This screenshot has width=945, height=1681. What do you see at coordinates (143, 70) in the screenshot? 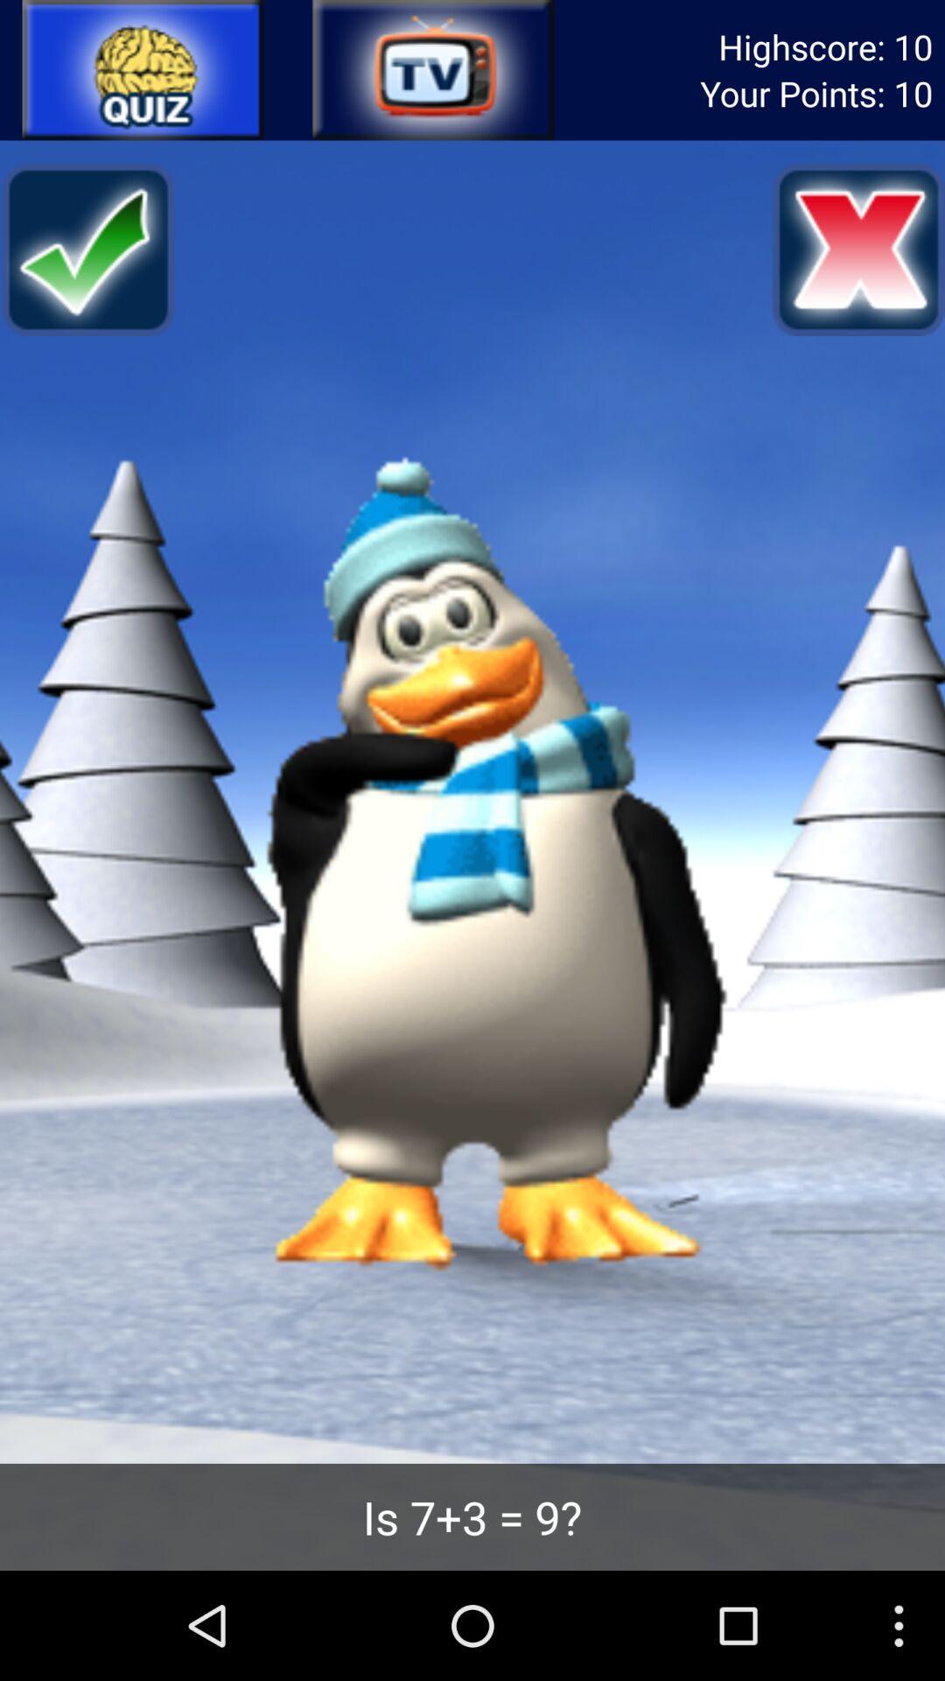
I see `option` at bounding box center [143, 70].